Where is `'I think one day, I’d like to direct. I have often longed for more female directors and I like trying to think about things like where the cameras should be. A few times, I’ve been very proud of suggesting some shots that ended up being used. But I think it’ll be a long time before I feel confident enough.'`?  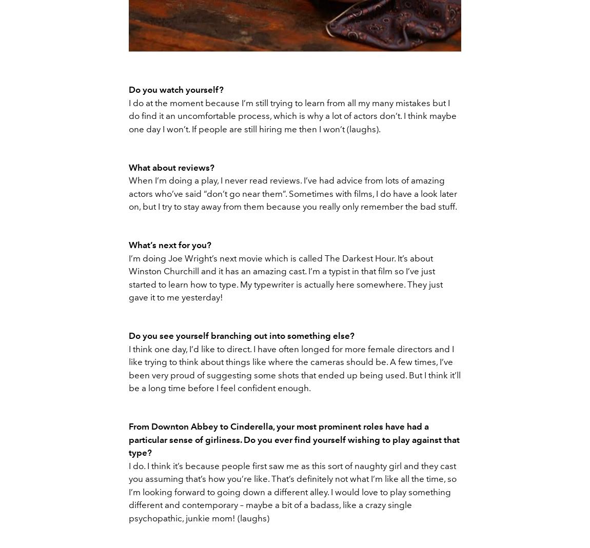
'I think one day, I’d like to direct. I have often longed for more female directors and I like trying to think about things like where the cameras should be. A few times, I’ve been very proud of suggesting some shots that ended up being used. But I think it’ll be a long time before I feel confident enough.' is located at coordinates (294, 368).